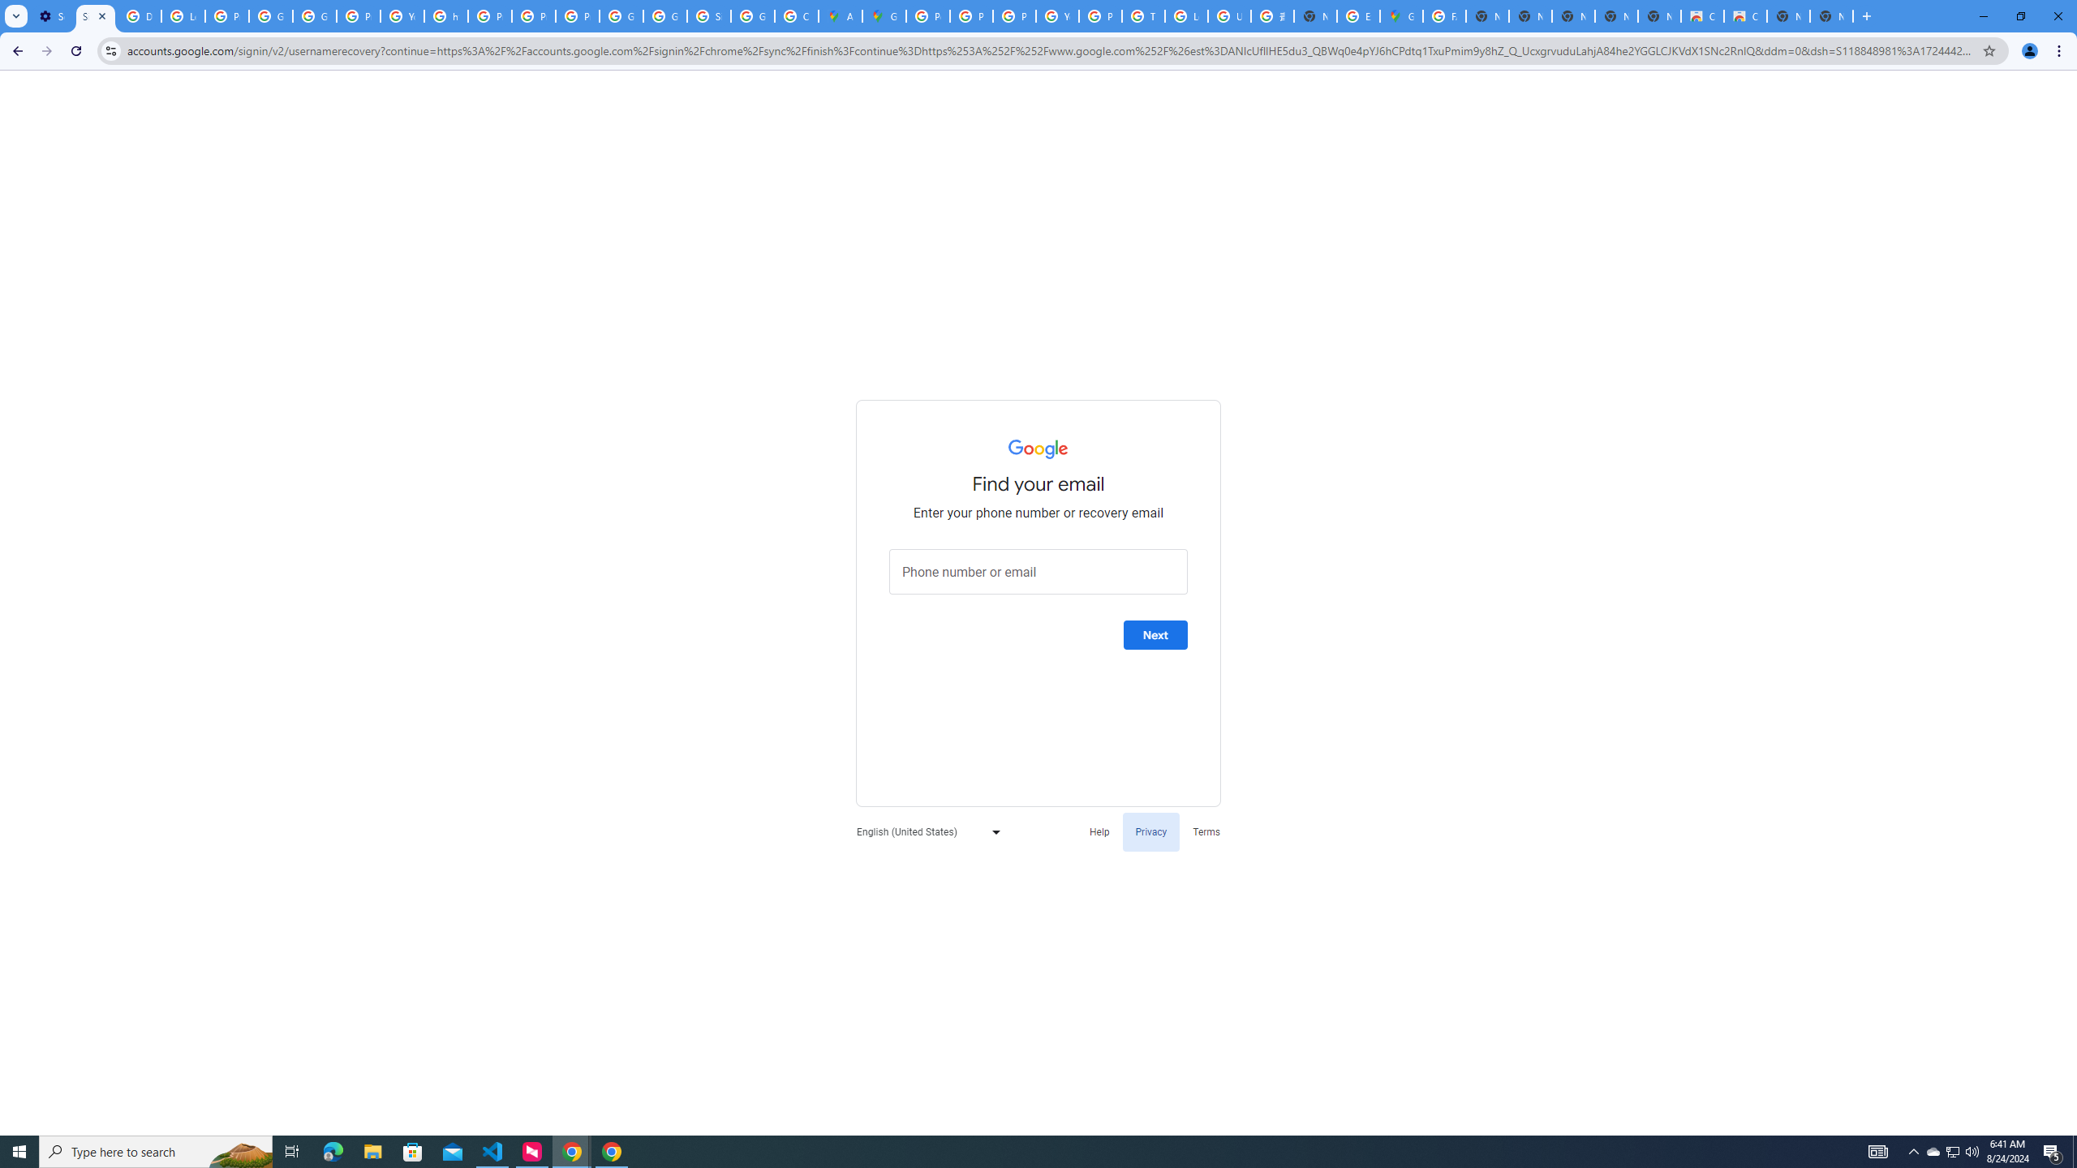  I want to click on 'Privacy Help Center - Policies Help', so click(972, 15).